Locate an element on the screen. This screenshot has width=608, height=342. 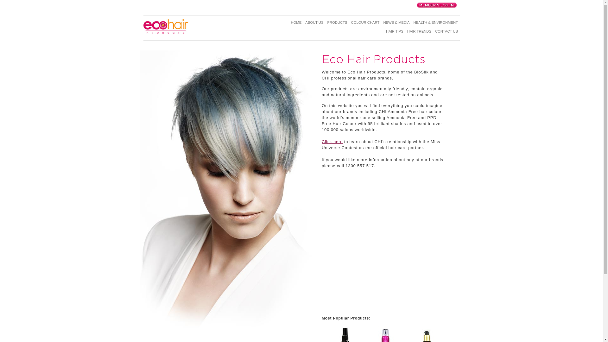
'HEALTH & ENVIRONMENT' is located at coordinates (435, 23).